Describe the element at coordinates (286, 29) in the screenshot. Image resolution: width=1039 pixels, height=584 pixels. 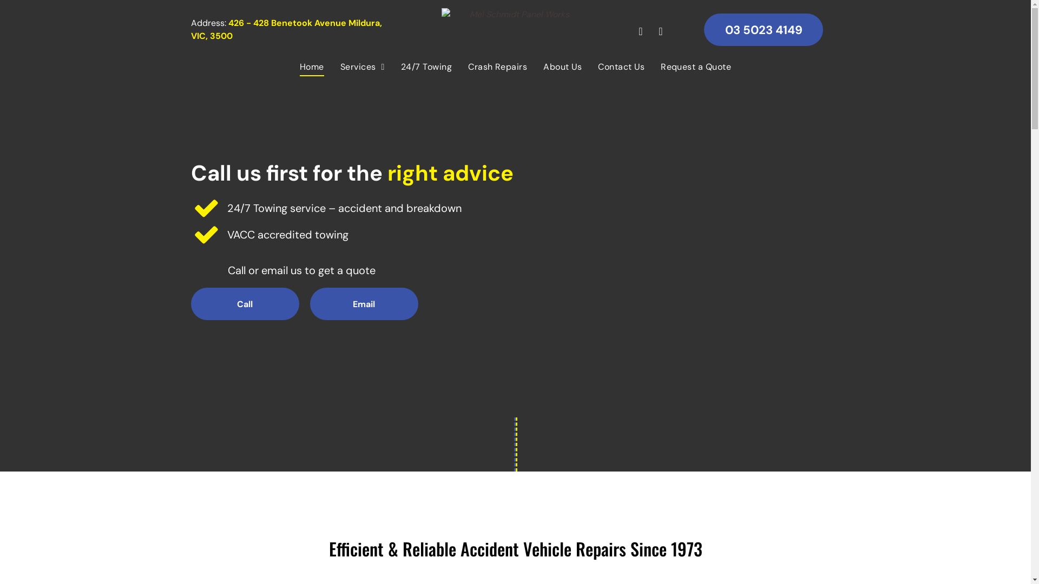
I see `'426 - 428 Benetook Avenue Mildura, VIC, 3500'` at that location.